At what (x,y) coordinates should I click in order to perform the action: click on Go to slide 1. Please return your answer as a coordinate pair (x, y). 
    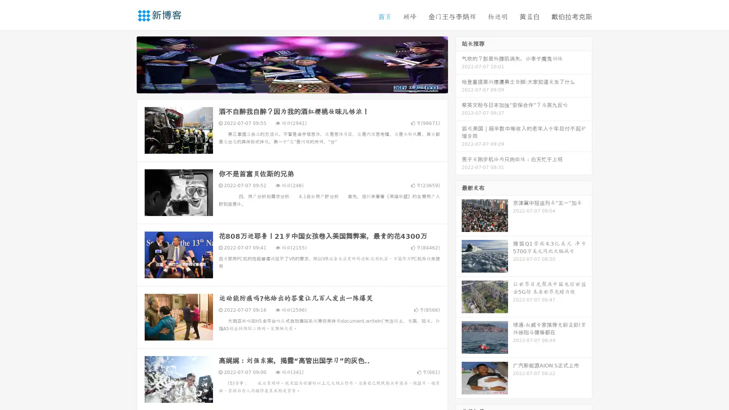
    Looking at the image, I should click on (284, 85).